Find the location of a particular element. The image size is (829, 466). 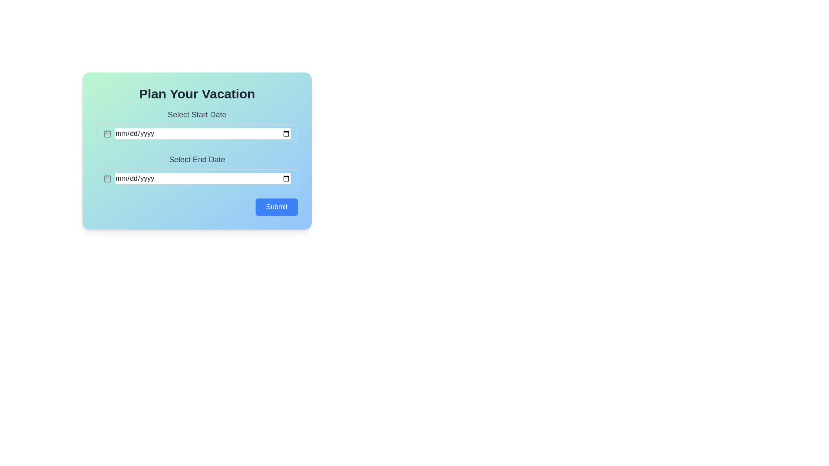

the calendar icon located on the left side of the top input field, which opens a calendar interface for selecting a start date for vacation is located at coordinates (107, 133).